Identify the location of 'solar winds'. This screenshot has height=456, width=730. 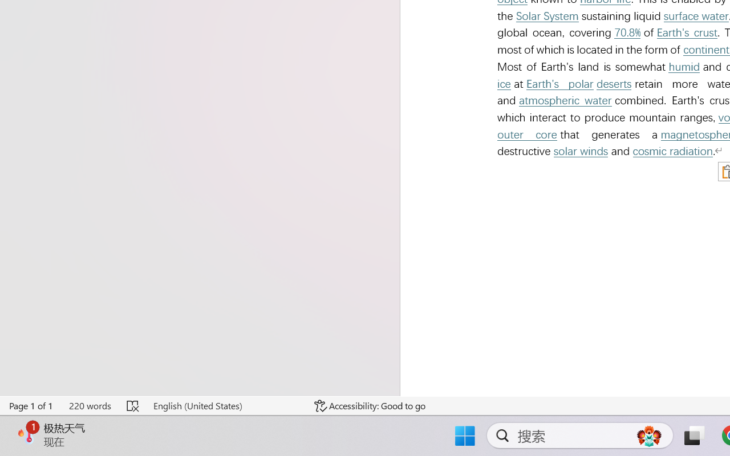
(581, 150).